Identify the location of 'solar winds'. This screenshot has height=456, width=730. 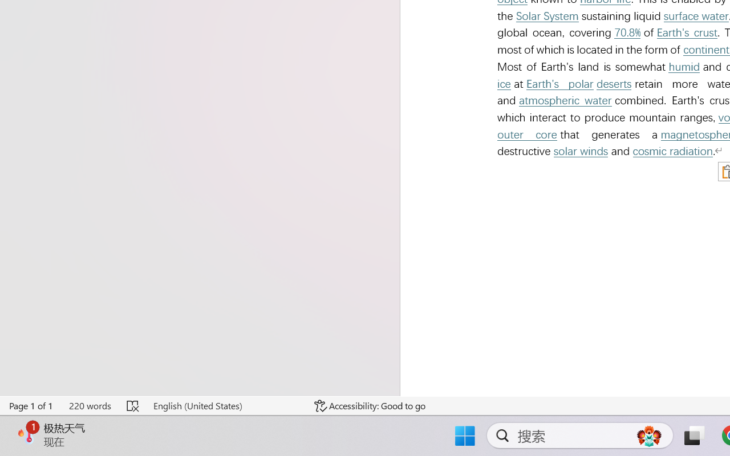
(581, 150).